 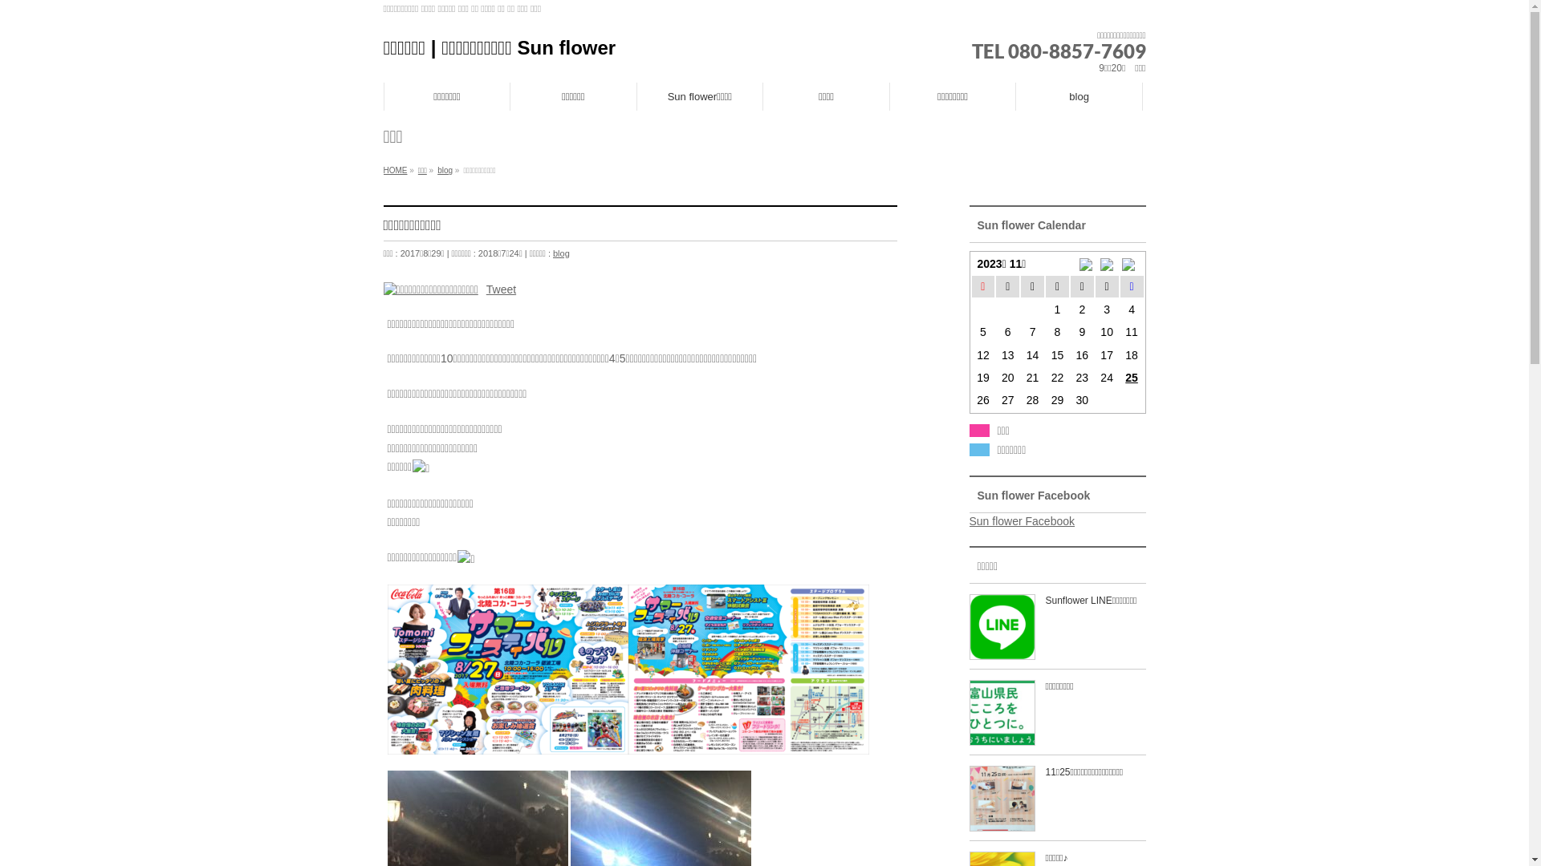 What do you see at coordinates (1079, 95) in the screenshot?
I see `'blog'` at bounding box center [1079, 95].